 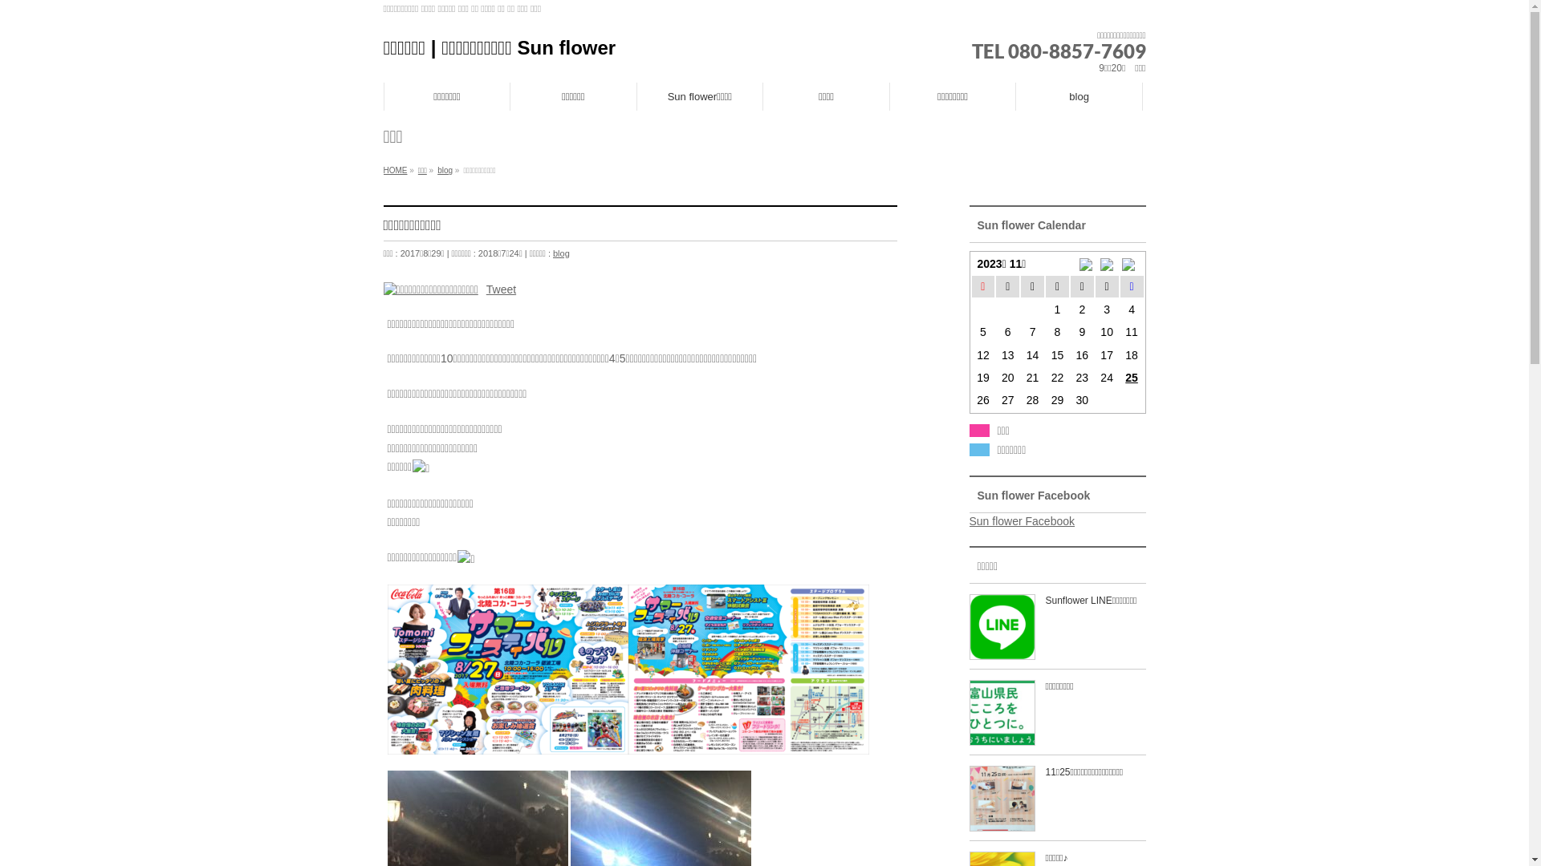 What do you see at coordinates (1079, 95) in the screenshot?
I see `'blog'` at bounding box center [1079, 95].